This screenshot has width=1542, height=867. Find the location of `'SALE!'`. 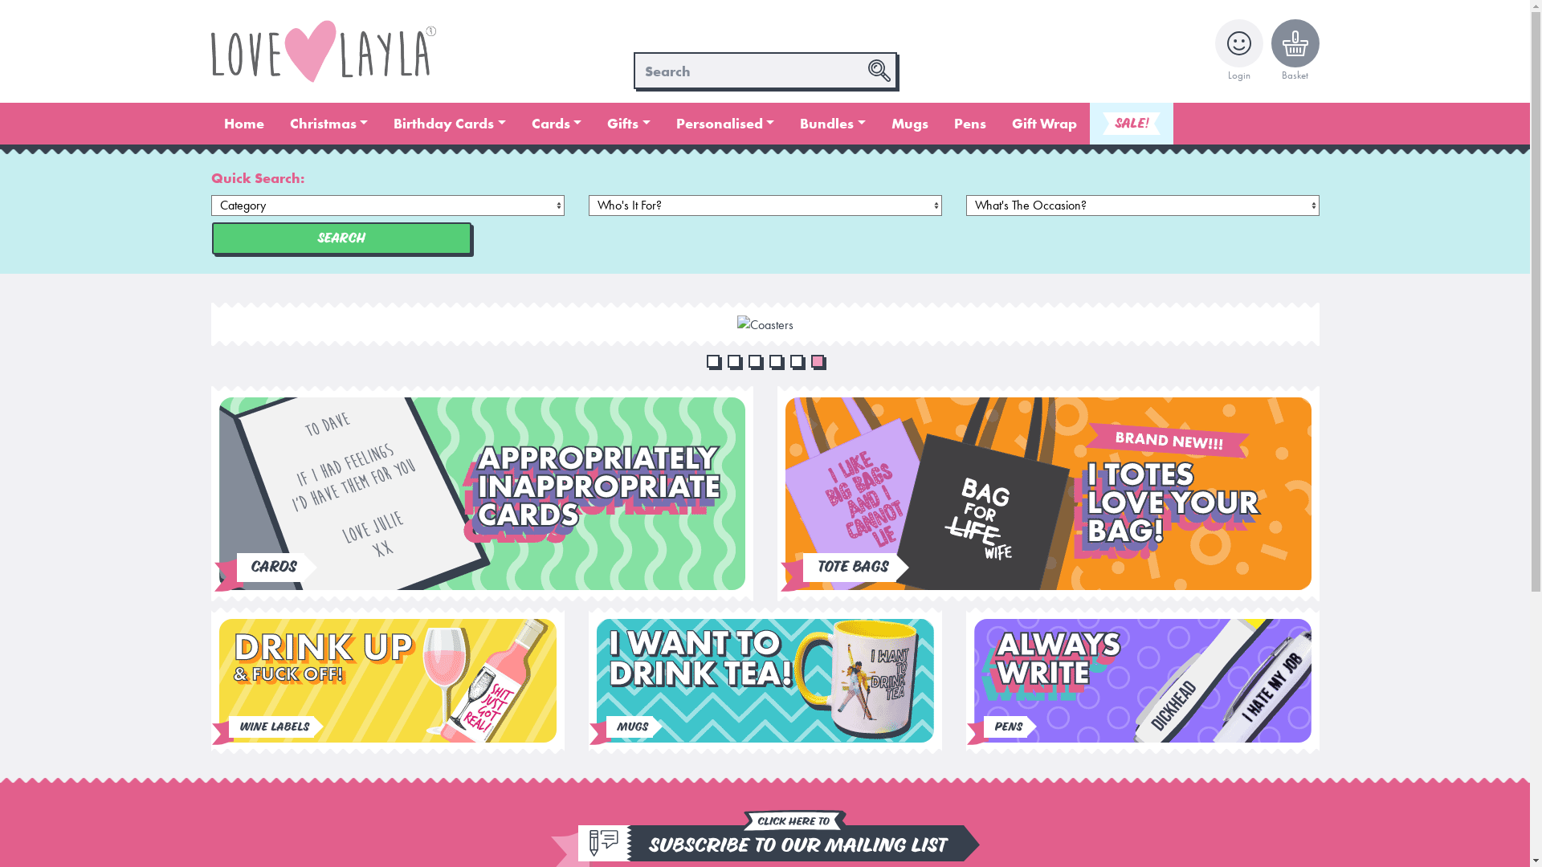

'SALE!' is located at coordinates (1090, 123).